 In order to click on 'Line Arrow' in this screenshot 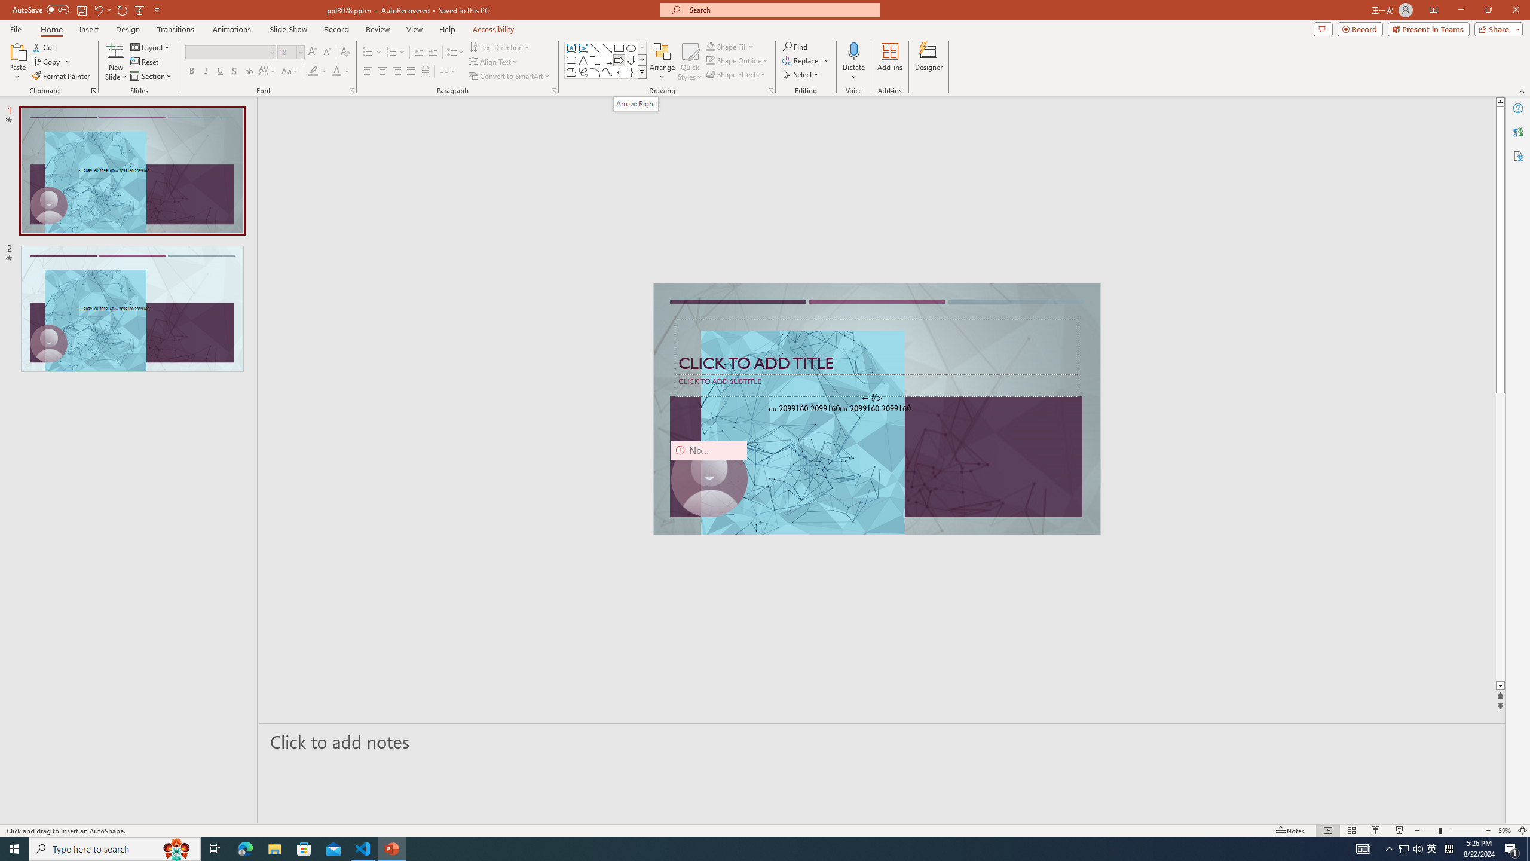, I will do `click(607, 48)`.